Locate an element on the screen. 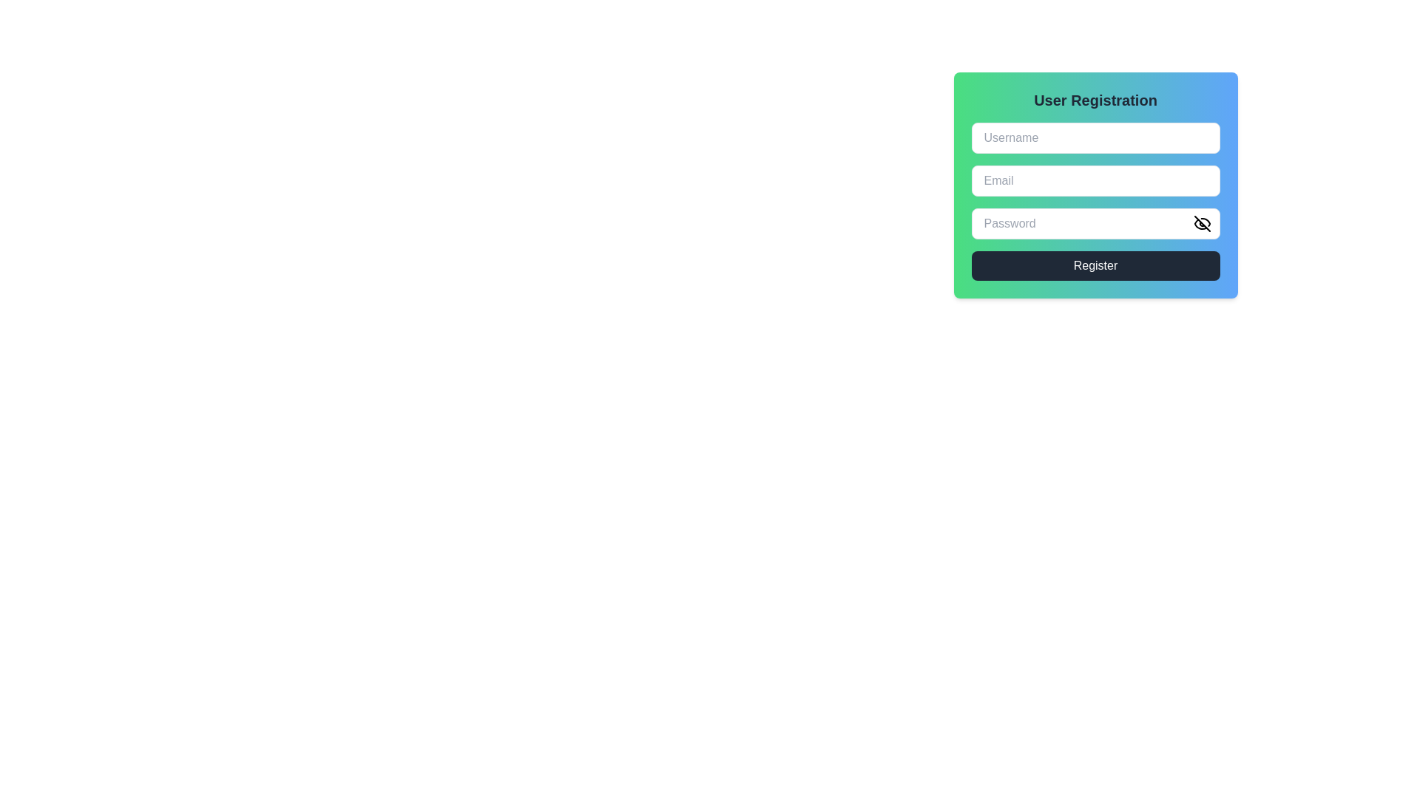  the header text element labeled 'User Registration', which features bold text in a large font size and a vivid gradient background transitioning from green to blue, located at the top of a card element is located at coordinates (1095, 100).